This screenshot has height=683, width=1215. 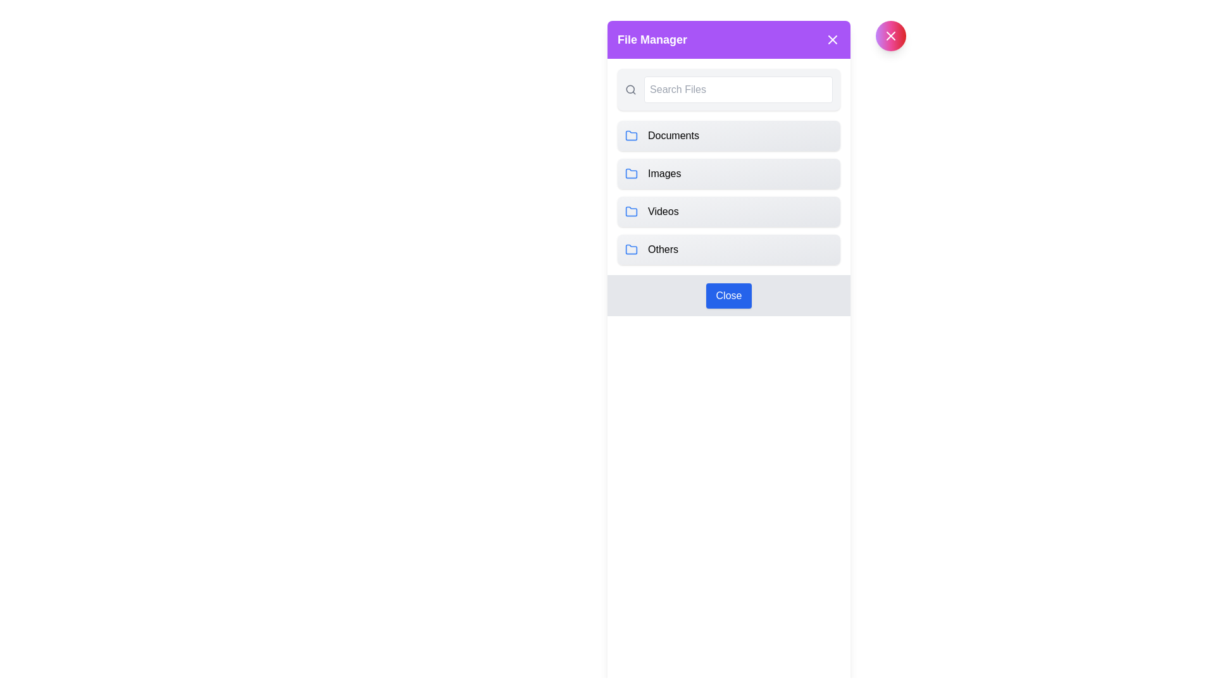 I want to click on the magnifying glass icon, which is a circular SVG element associated with search functionality, located to the left of the 'Search Files' input field, so click(x=631, y=89).